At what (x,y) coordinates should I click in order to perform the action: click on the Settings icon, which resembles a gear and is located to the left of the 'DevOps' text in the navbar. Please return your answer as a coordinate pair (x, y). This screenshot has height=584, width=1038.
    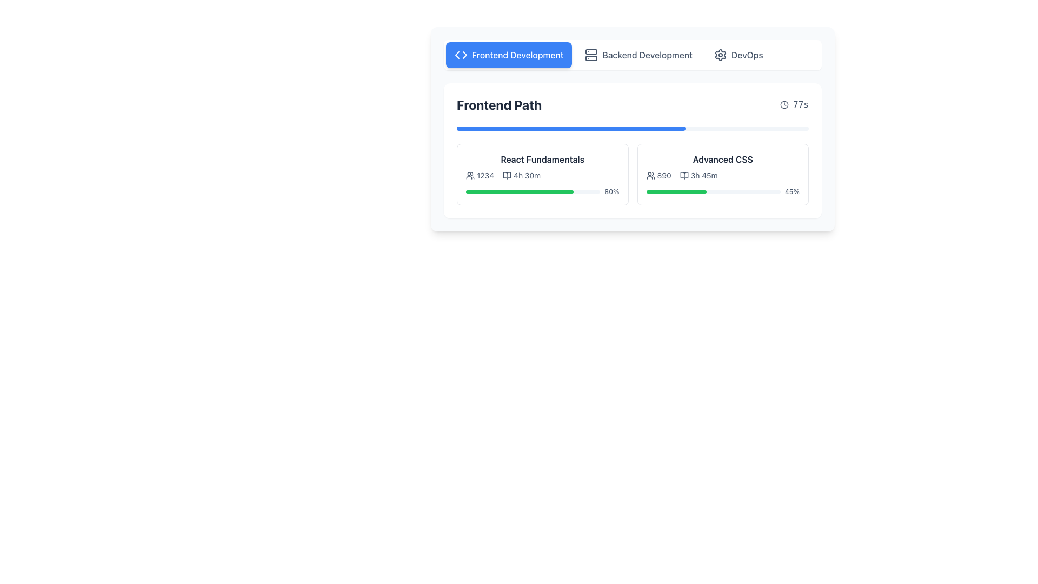
    Looking at the image, I should click on (720, 55).